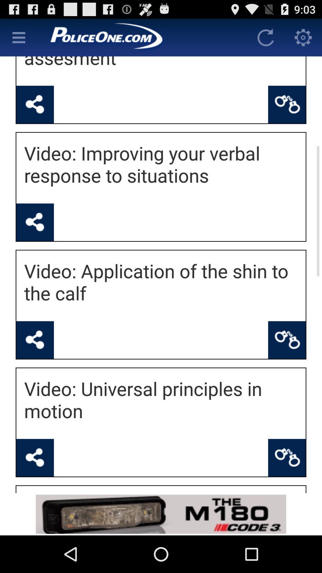 The image size is (322, 573). Describe the element at coordinates (161, 514) in the screenshot. I see `advertisement` at that location.